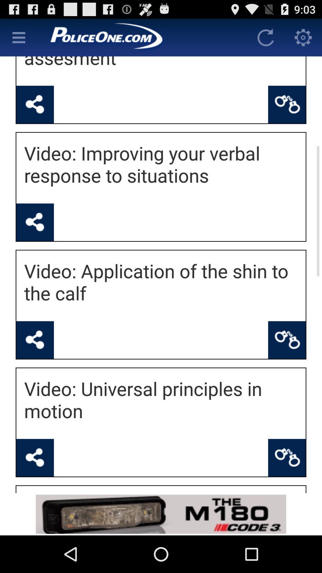 The image size is (322, 573). Describe the element at coordinates (161, 514) in the screenshot. I see `advertisement` at that location.